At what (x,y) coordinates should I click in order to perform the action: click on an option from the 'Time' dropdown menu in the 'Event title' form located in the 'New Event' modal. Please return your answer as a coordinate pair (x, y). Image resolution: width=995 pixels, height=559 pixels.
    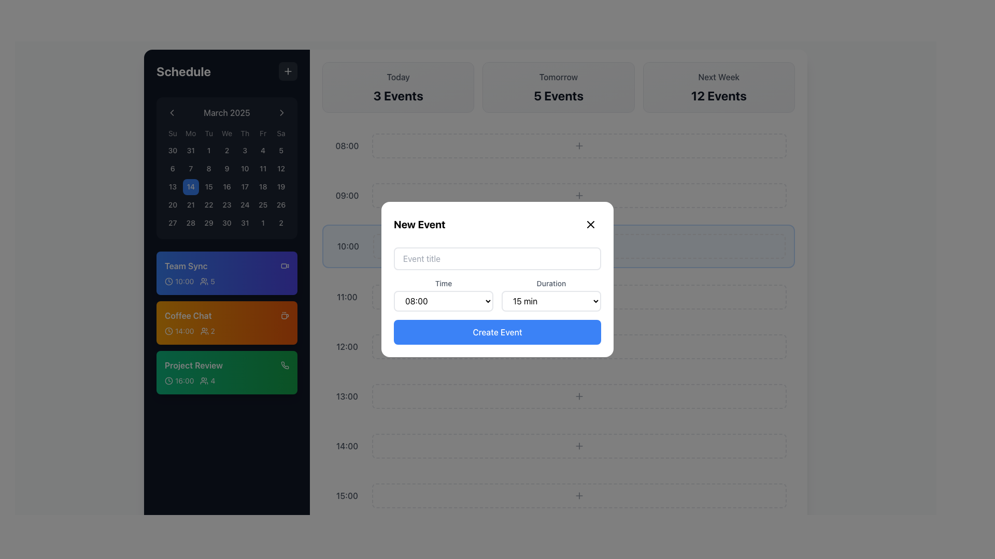
    Looking at the image, I should click on (497, 296).